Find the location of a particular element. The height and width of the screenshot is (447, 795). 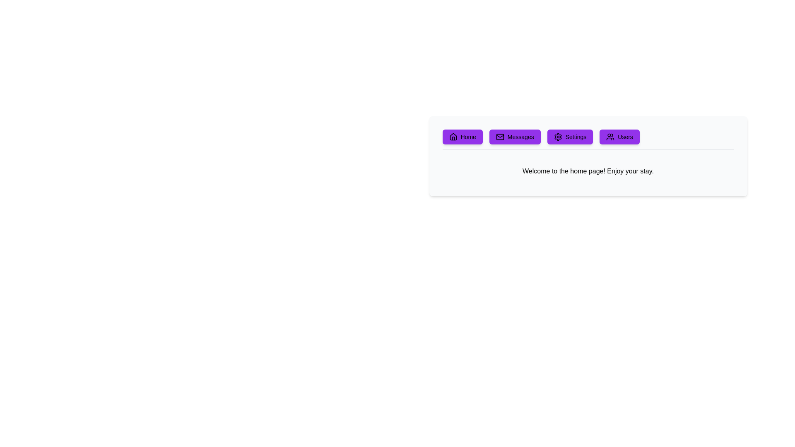

the 'Messages' button in the navigation bar, which is represented by a decorative purple background shape of a mail envelope icon is located at coordinates (499, 137).